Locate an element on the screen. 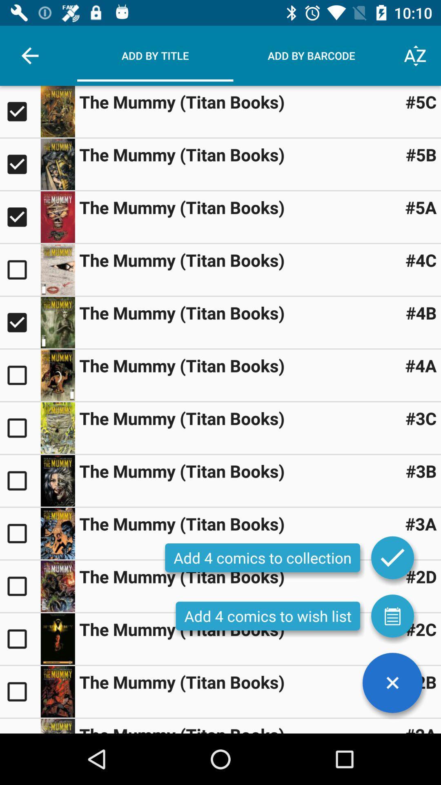 This screenshot has width=441, height=785. comic selection is located at coordinates (20, 111).